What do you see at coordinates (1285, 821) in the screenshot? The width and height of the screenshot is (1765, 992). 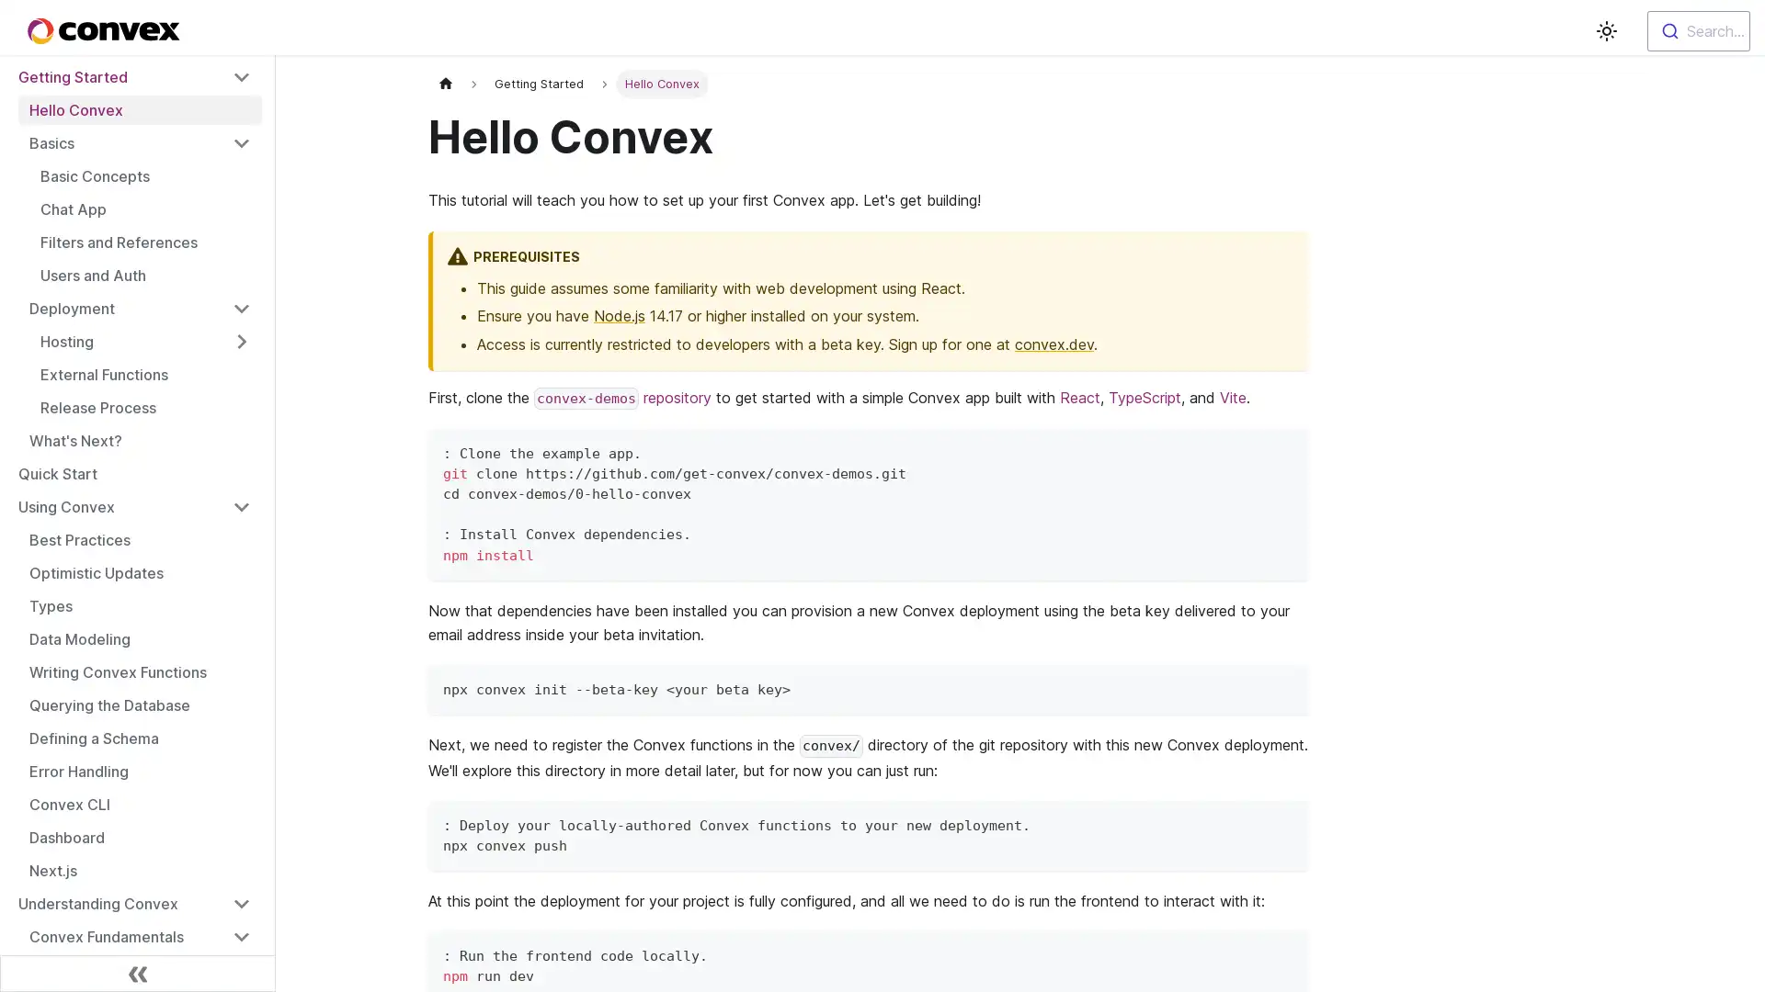 I see `Copy code to clipboard` at bounding box center [1285, 821].